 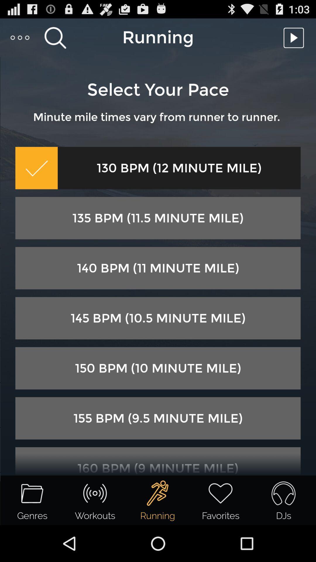 I want to click on the icon below minute mile times item, so click(x=179, y=168).